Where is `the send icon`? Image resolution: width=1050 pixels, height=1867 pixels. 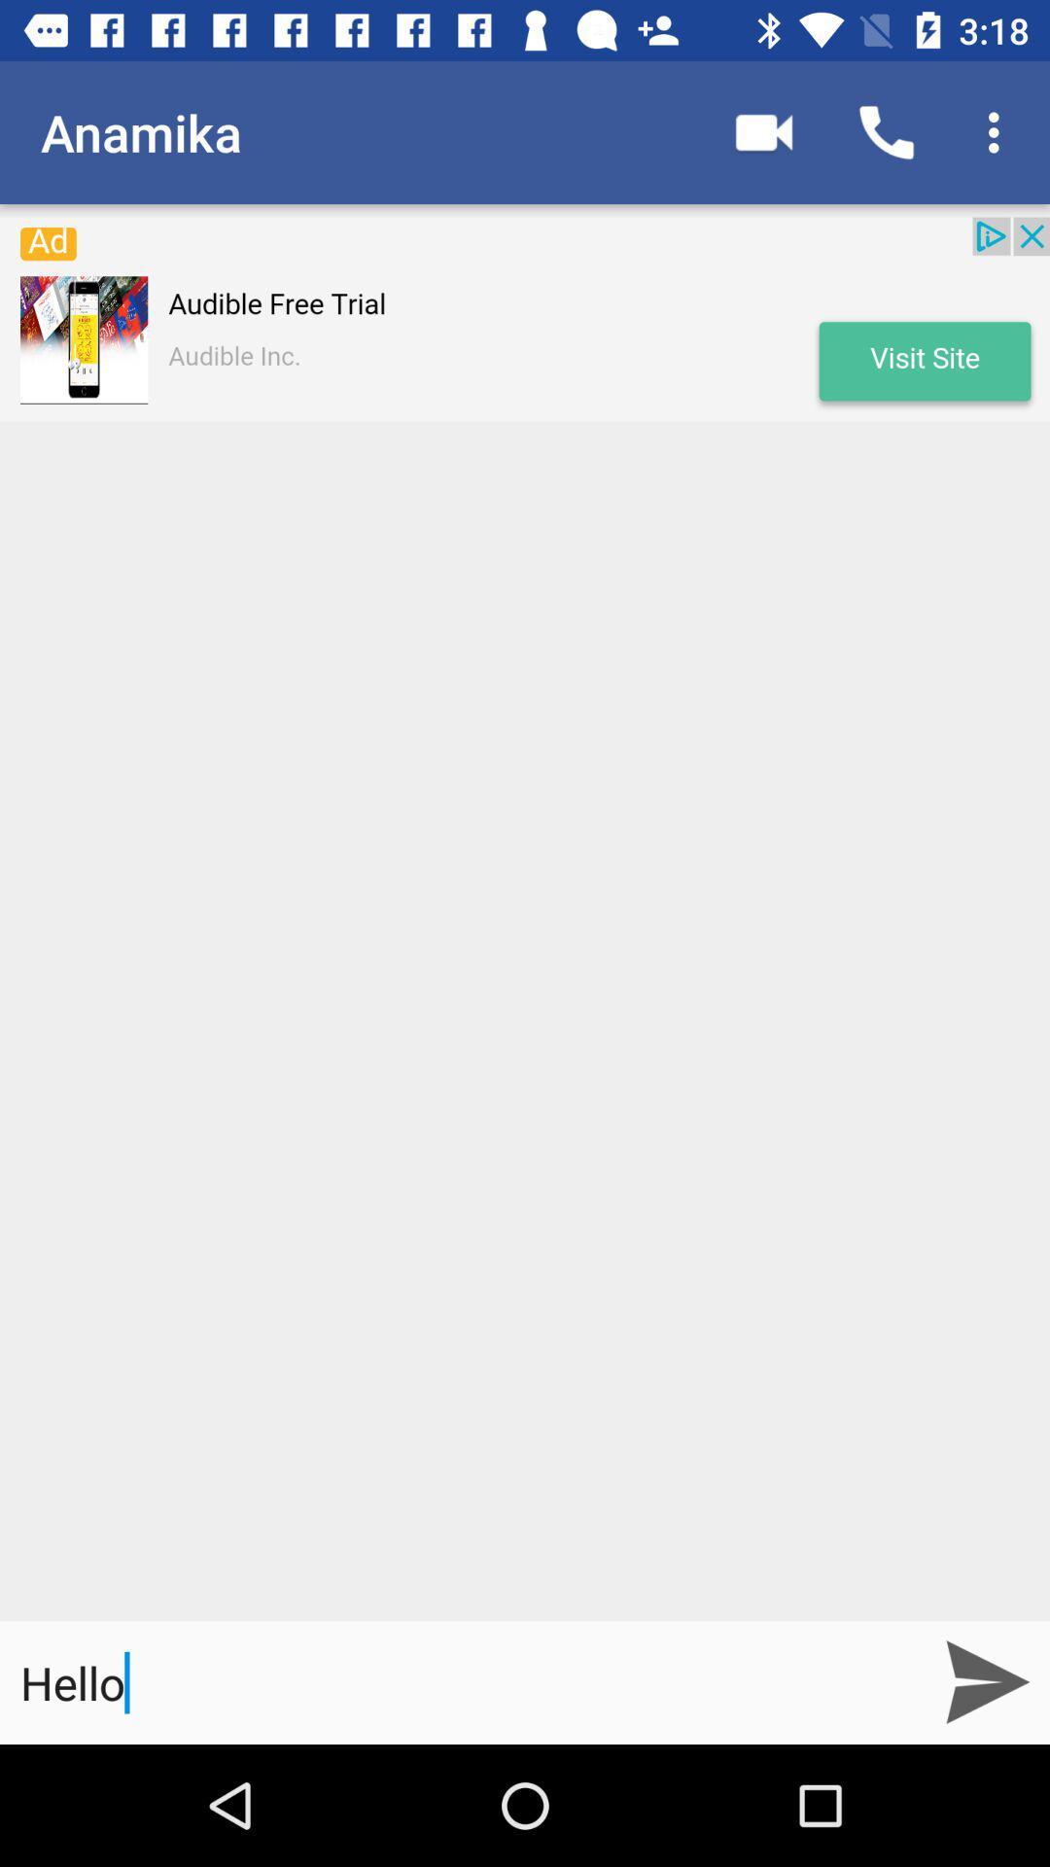 the send icon is located at coordinates (989, 1681).